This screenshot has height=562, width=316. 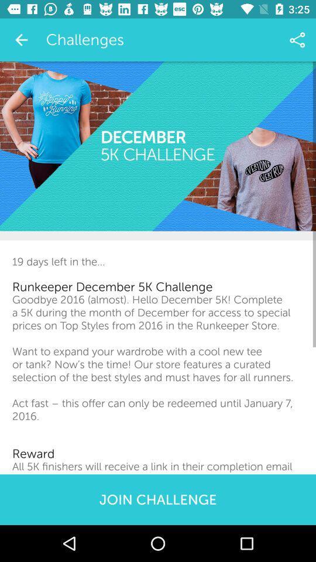 I want to click on the item at the top right corner, so click(x=297, y=40).